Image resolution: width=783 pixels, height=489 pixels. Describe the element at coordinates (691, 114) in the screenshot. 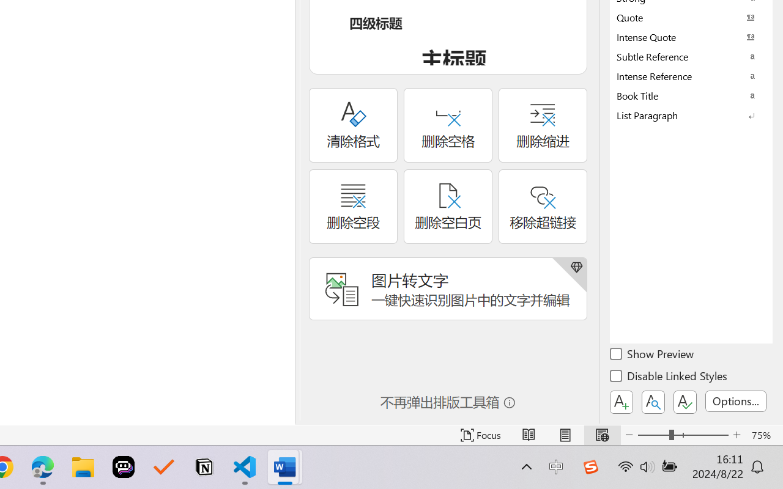

I see `'List Paragraph'` at that location.